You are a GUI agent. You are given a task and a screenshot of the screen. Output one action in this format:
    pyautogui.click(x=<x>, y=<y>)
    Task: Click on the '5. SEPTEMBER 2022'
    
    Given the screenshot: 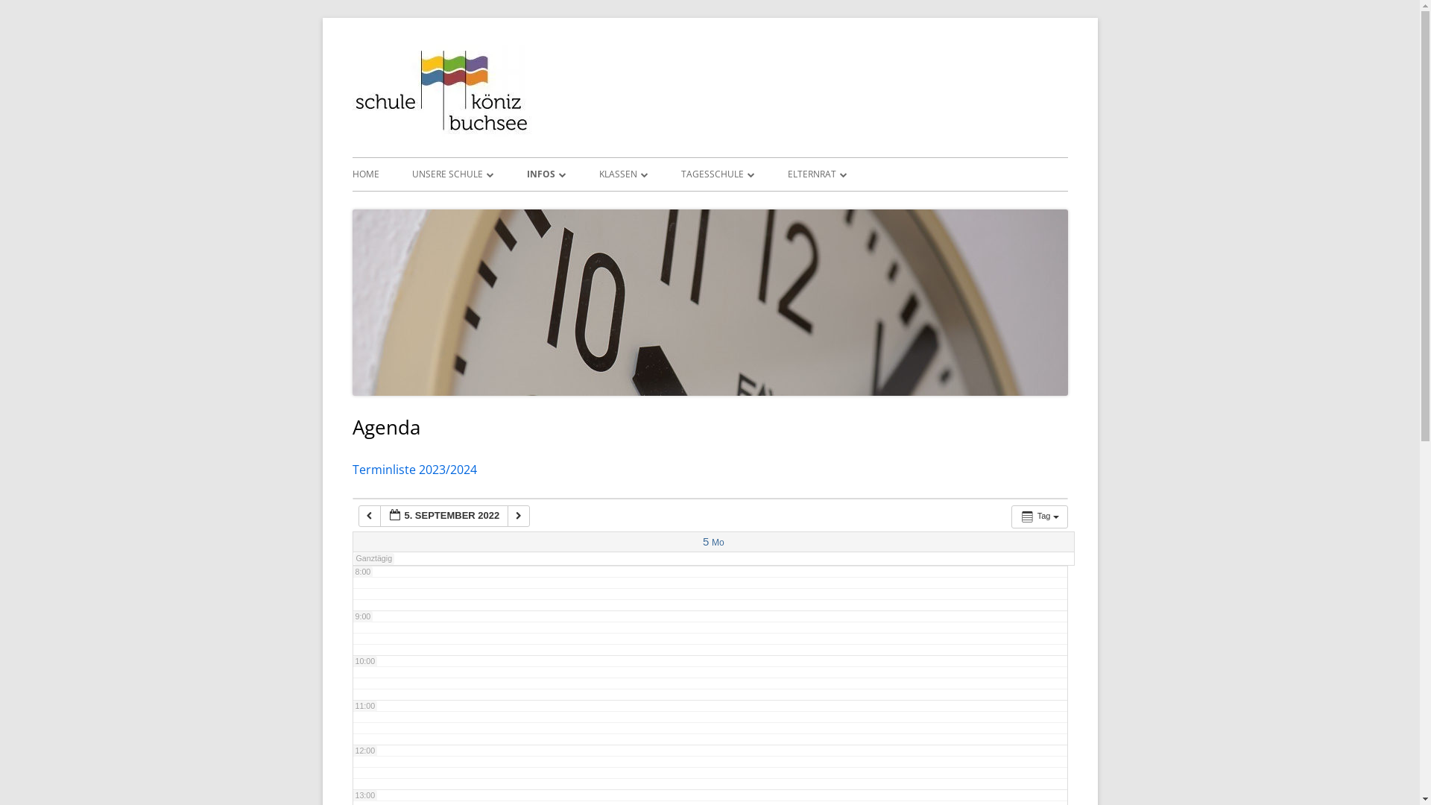 What is the action you would take?
    pyautogui.click(x=443, y=515)
    